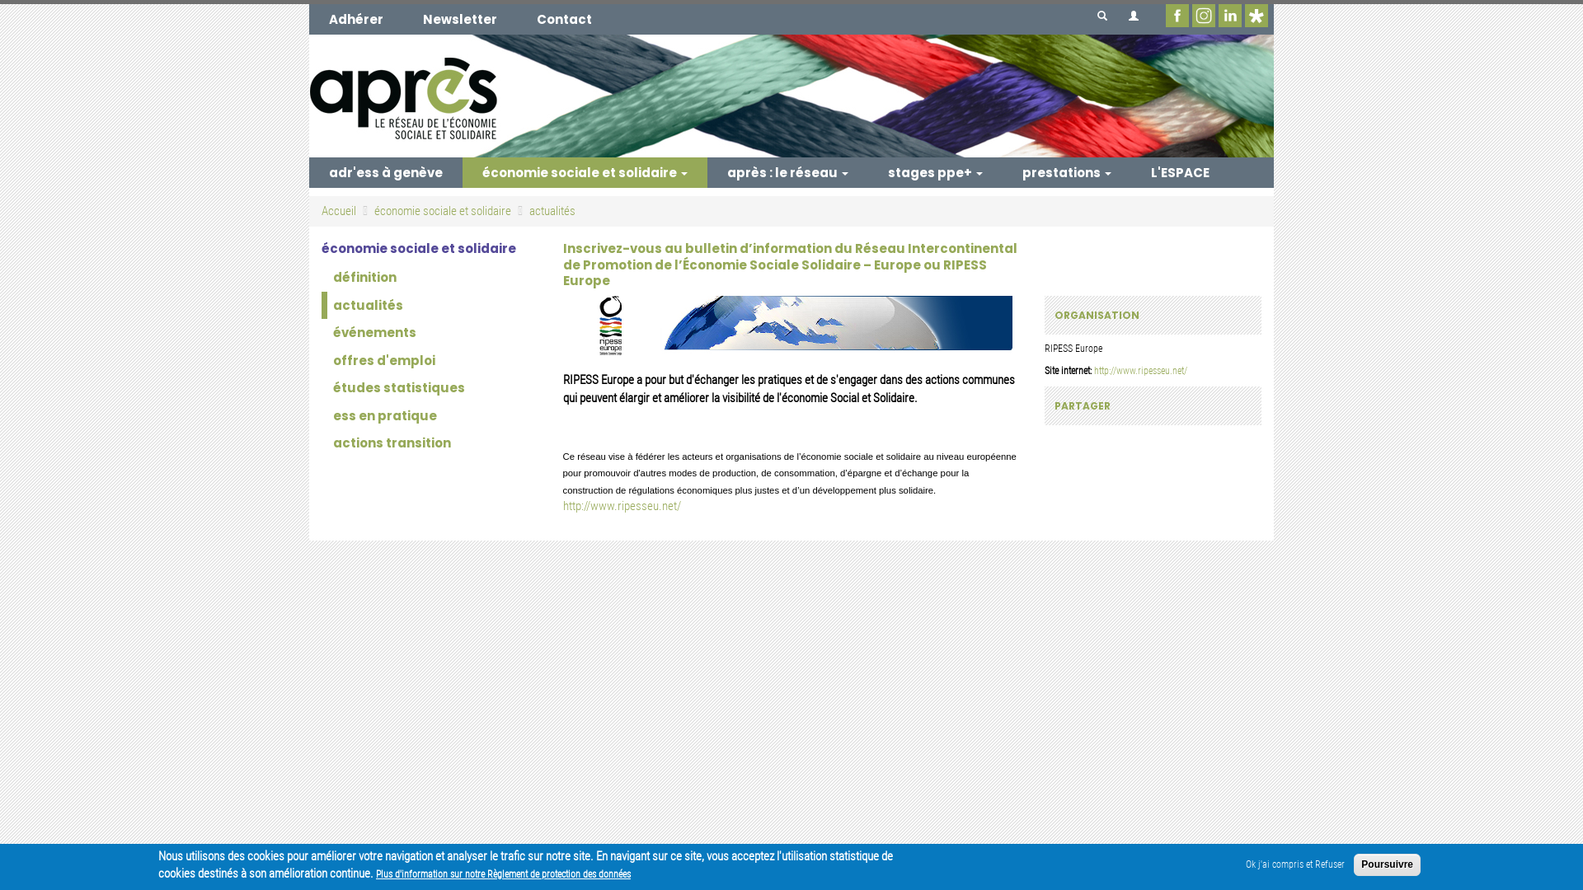 Image resolution: width=1583 pixels, height=890 pixels. I want to click on 'Ok j'ai compris et Refuser', so click(1294, 864).